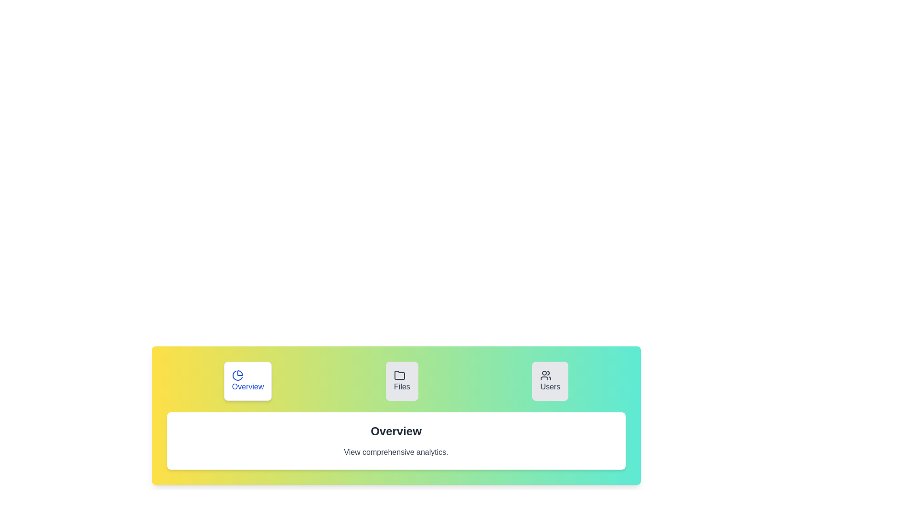 The width and height of the screenshot is (917, 516). What do you see at coordinates (550, 381) in the screenshot?
I see `the Users tab to inspect its content` at bounding box center [550, 381].